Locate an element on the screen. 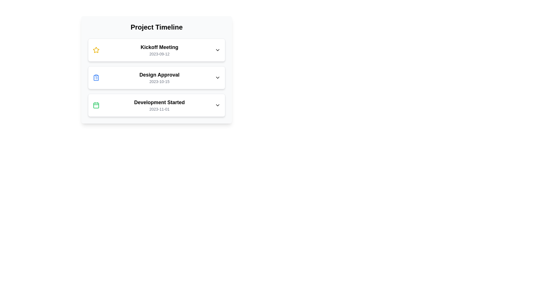 This screenshot has width=540, height=304. the Dropdown icon located at the far right side of the row containing 'Development Started' is located at coordinates (217, 105).